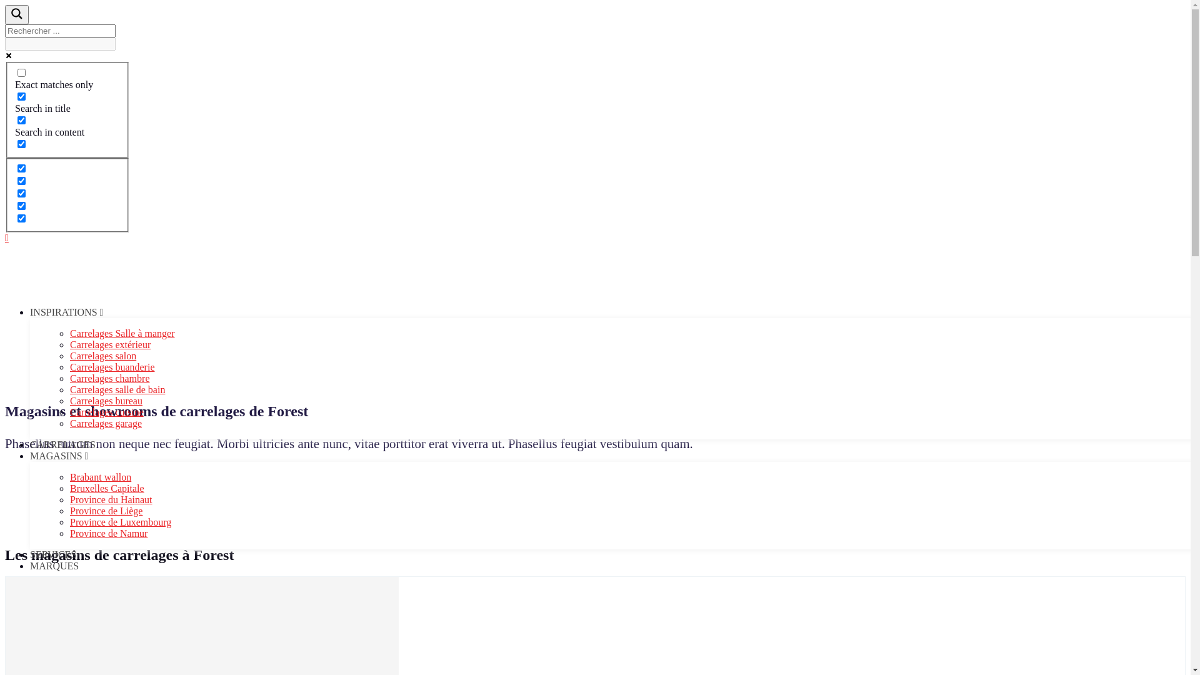  I want to click on 'Bruxelles Capitale', so click(107, 487).